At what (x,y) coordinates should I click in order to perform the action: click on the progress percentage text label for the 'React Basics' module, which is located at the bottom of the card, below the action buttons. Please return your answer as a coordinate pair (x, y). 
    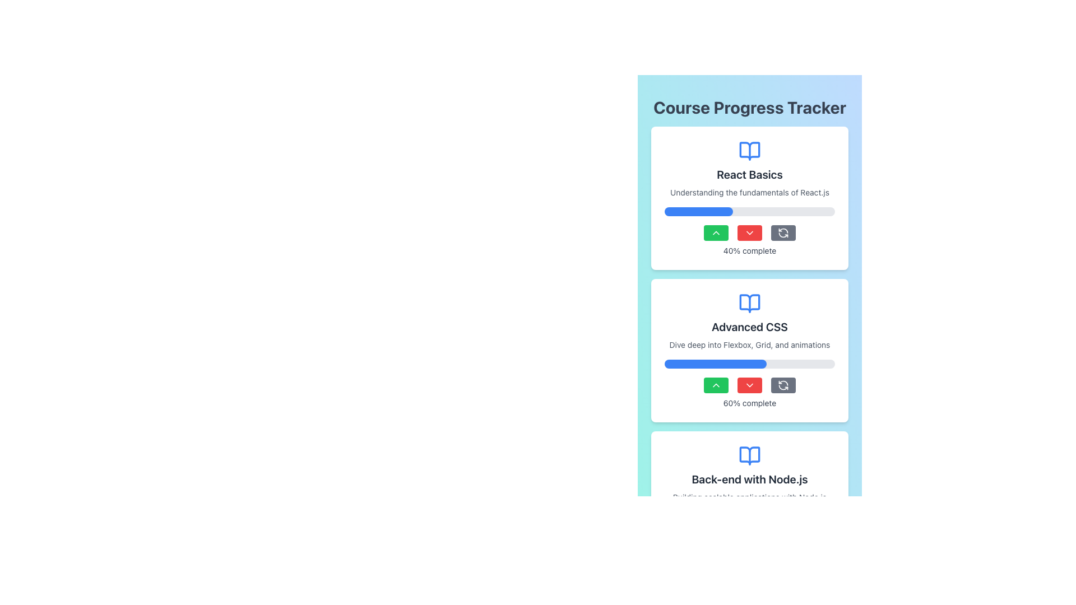
    Looking at the image, I should click on (750, 250).